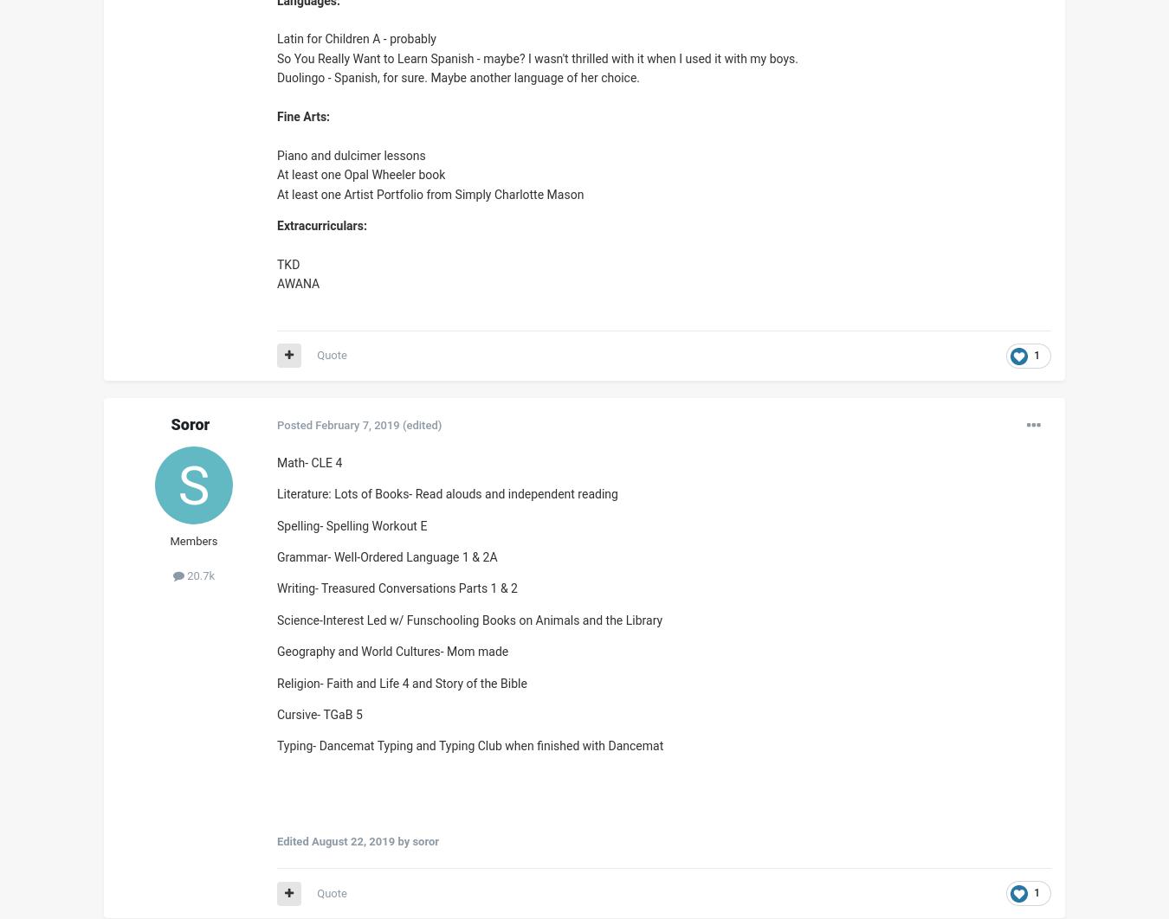 The width and height of the screenshot is (1169, 919). I want to click on 'Science-Interest Led w/ Funschooling Books on Animals and the Library', so click(275, 620).